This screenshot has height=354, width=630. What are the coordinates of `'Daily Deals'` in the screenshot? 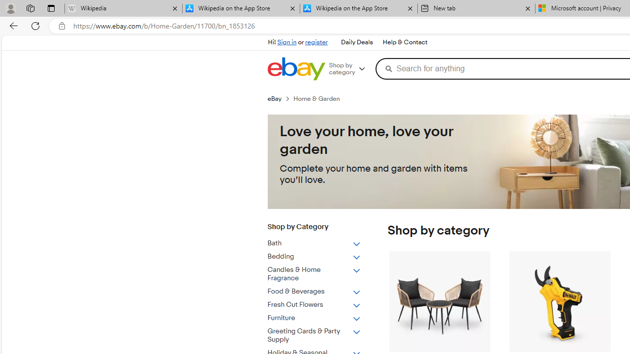 It's located at (356, 42).